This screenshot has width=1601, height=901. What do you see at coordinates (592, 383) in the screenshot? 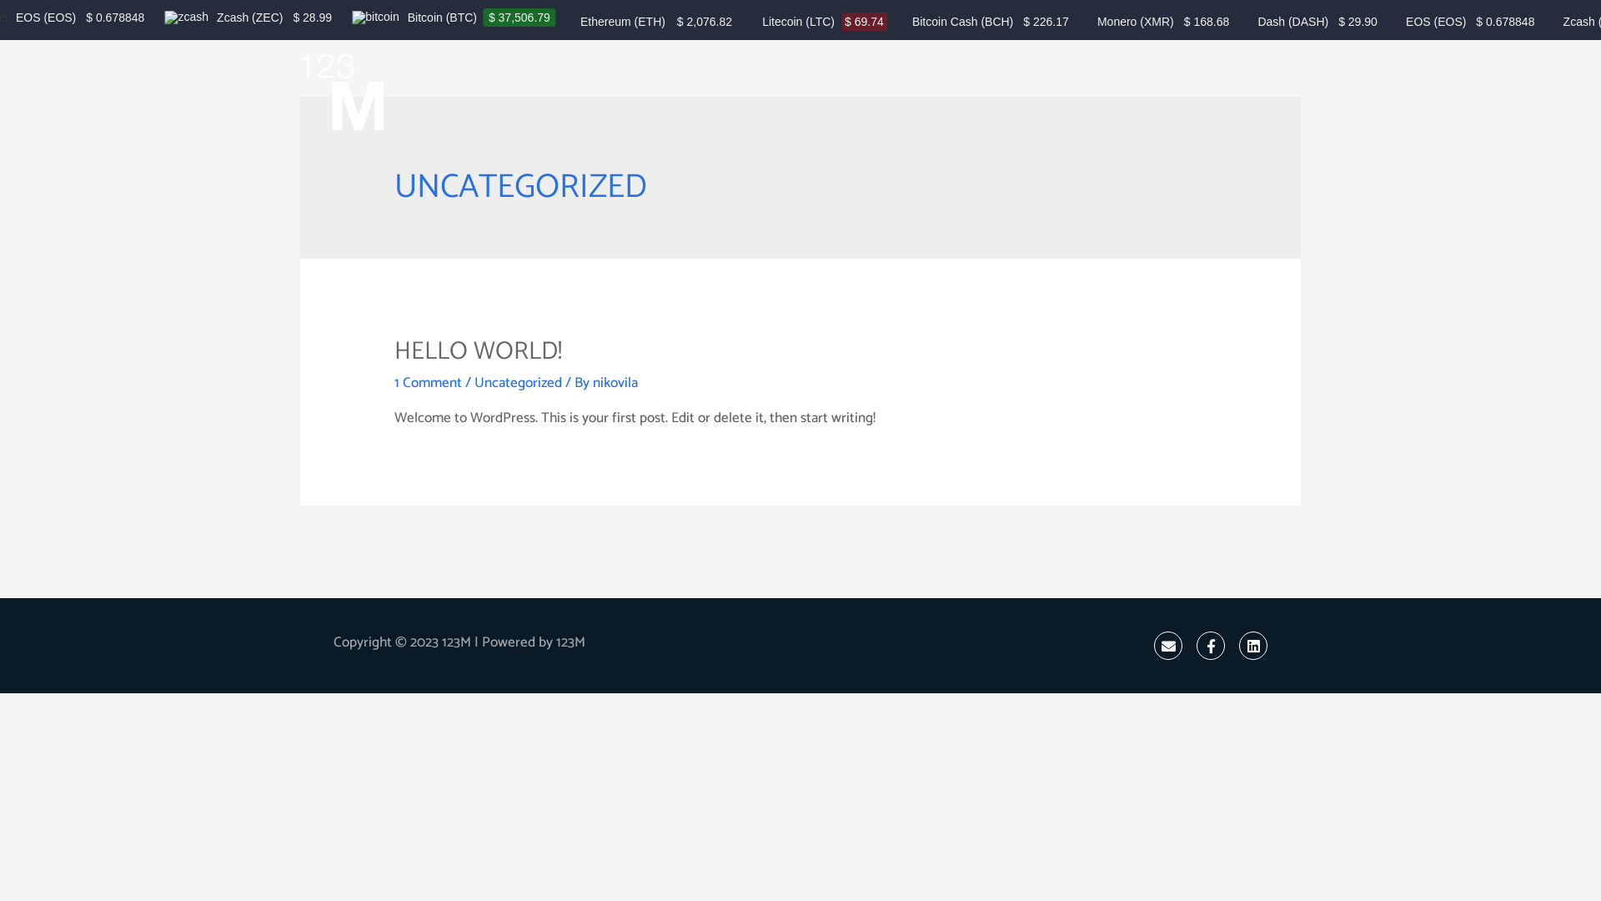
I see `'nikovila'` at bounding box center [592, 383].